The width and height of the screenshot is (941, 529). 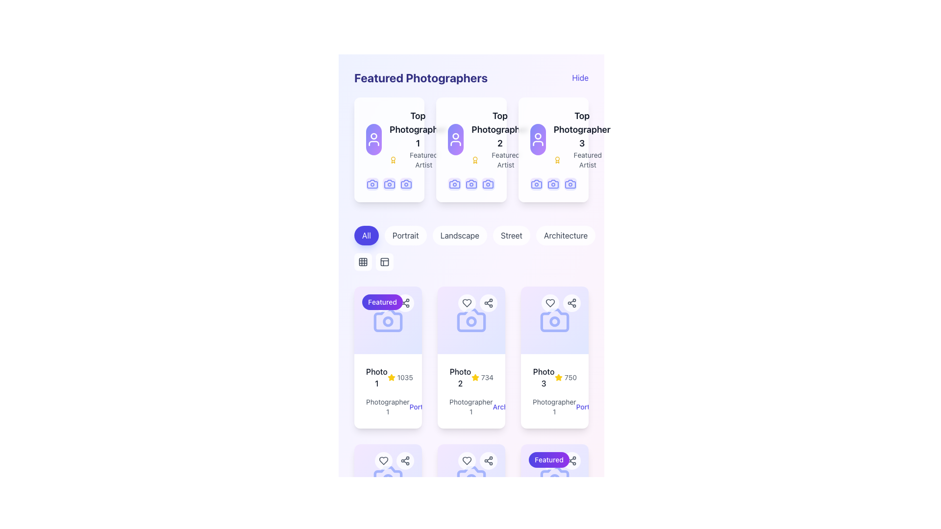 What do you see at coordinates (373, 140) in the screenshot?
I see `the details of the circular Avatar/Icon with a gradient background located in the first column under 'Featured Photographers', above the text 'Top Photographer 1'` at bounding box center [373, 140].